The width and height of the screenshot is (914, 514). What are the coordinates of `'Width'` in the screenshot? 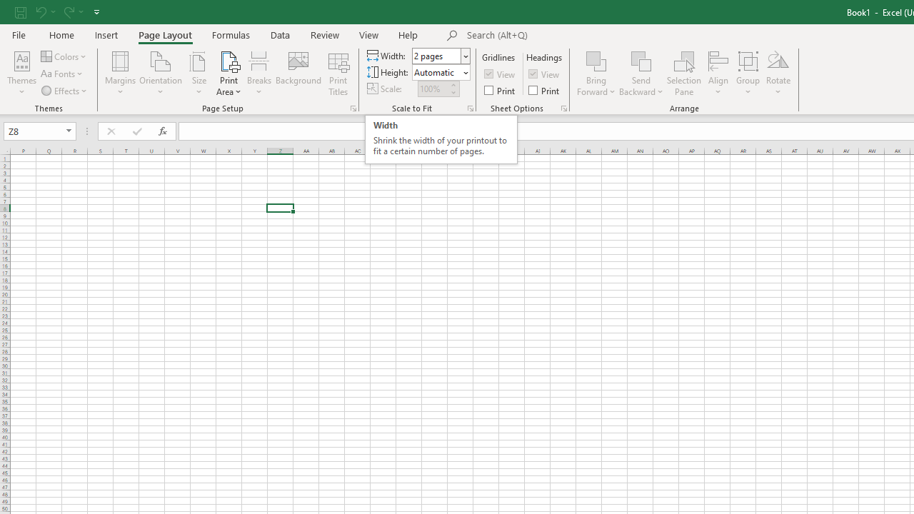 It's located at (441, 55).